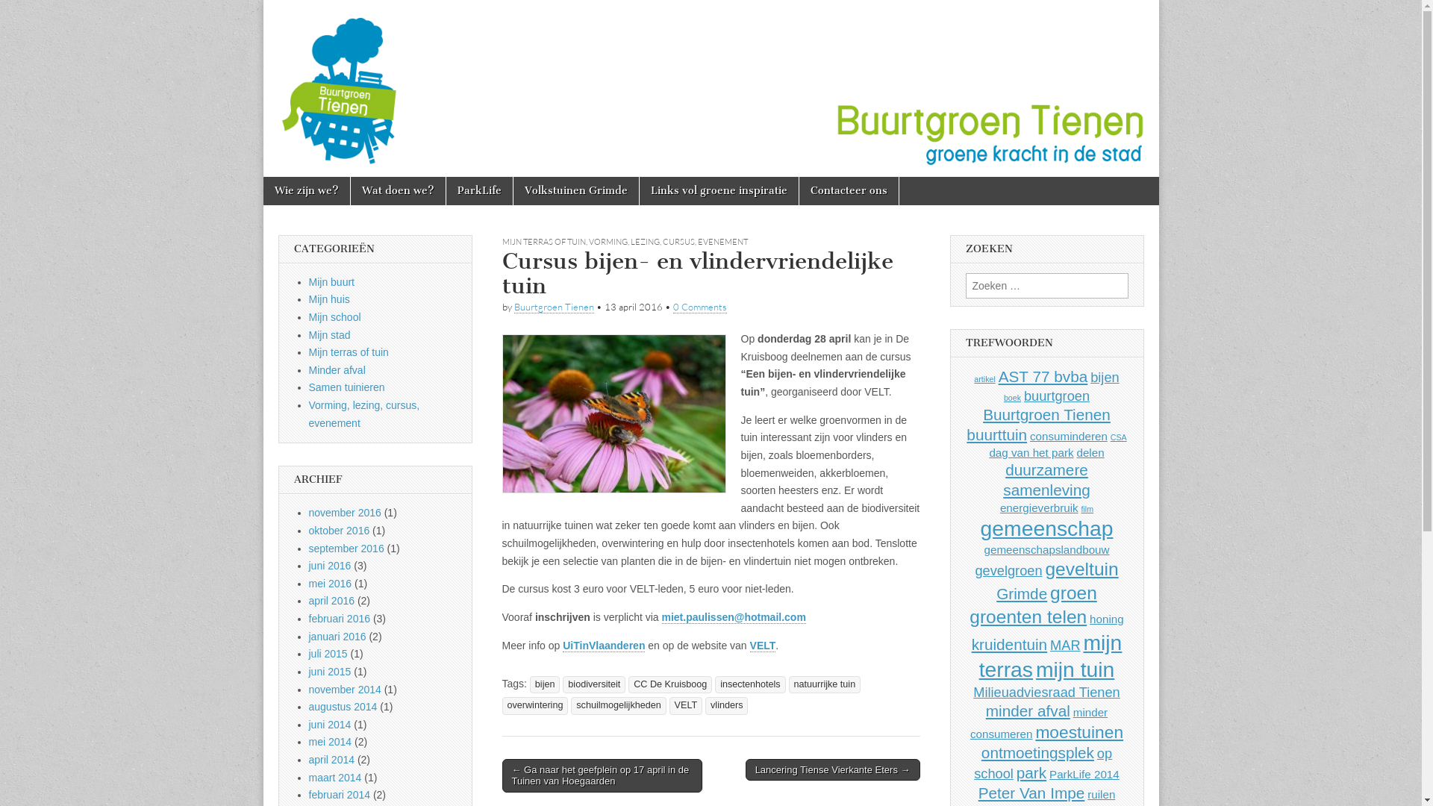 This screenshot has height=806, width=1433. What do you see at coordinates (1046, 528) in the screenshot?
I see `'gemeenschap'` at bounding box center [1046, 528].